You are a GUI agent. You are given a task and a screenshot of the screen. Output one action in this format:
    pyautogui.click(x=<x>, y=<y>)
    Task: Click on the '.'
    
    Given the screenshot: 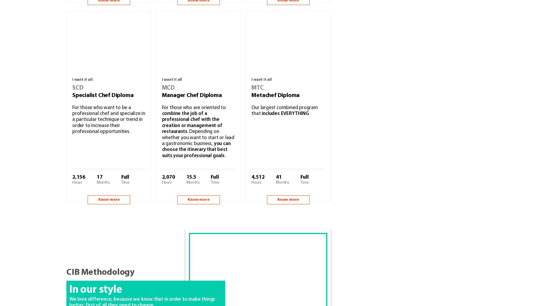 What is the action you would take?
    pyautogui.click(x=224, y=155)
    